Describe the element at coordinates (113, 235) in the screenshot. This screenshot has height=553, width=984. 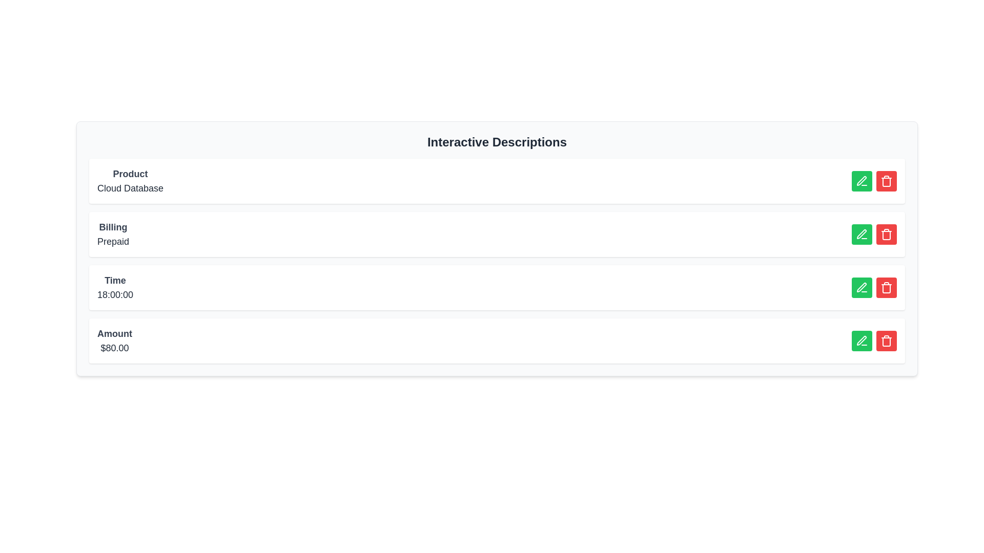
I see `the text label that displays 'Billing' in bold and 'Prepaid' in normal font, located in the second row under 'Product: Cloud Database'` at that location.